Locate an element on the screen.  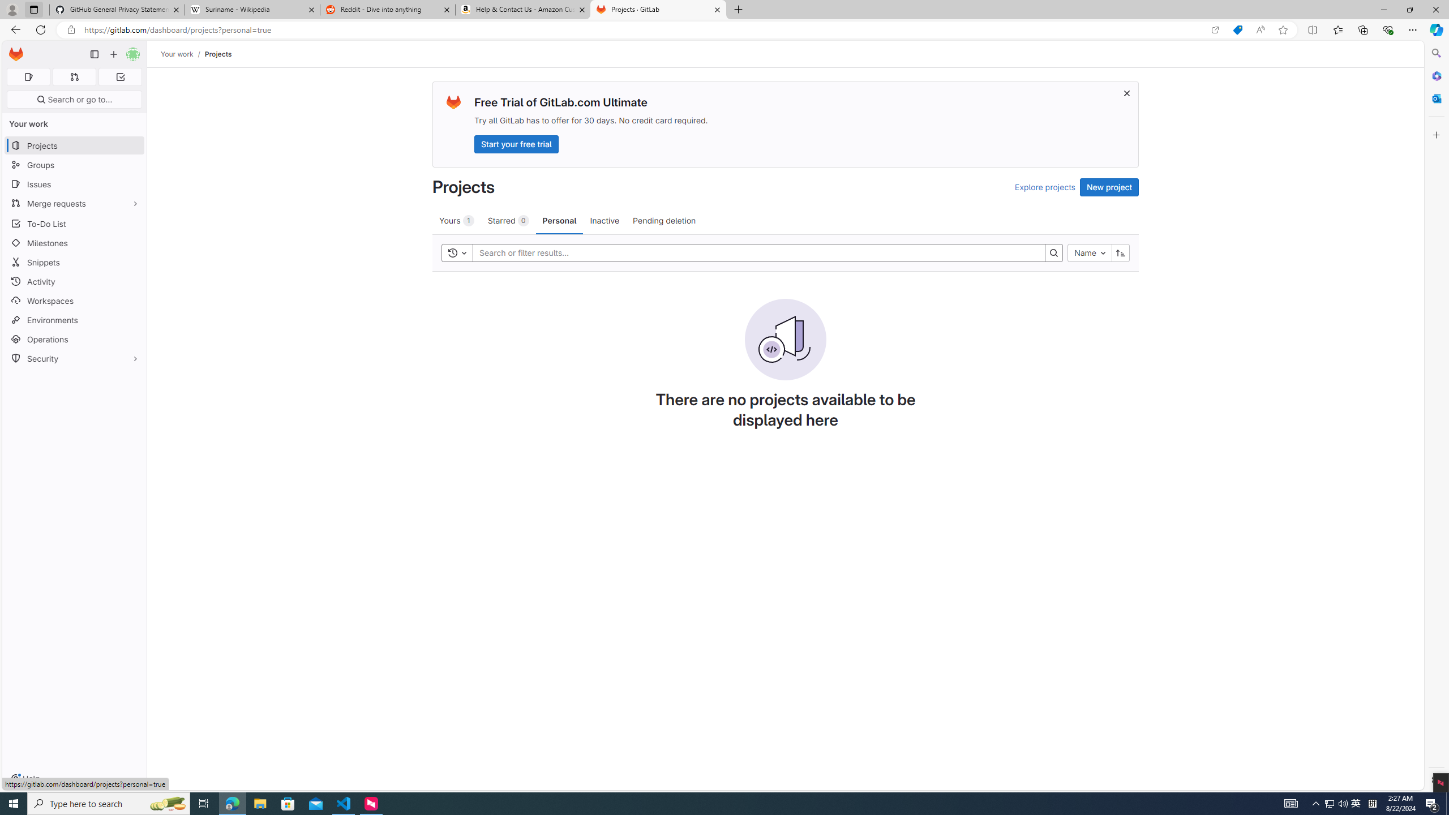
'Class: s16 gl-icon gl-button-icon ' is located at coordinates (1126, 93).